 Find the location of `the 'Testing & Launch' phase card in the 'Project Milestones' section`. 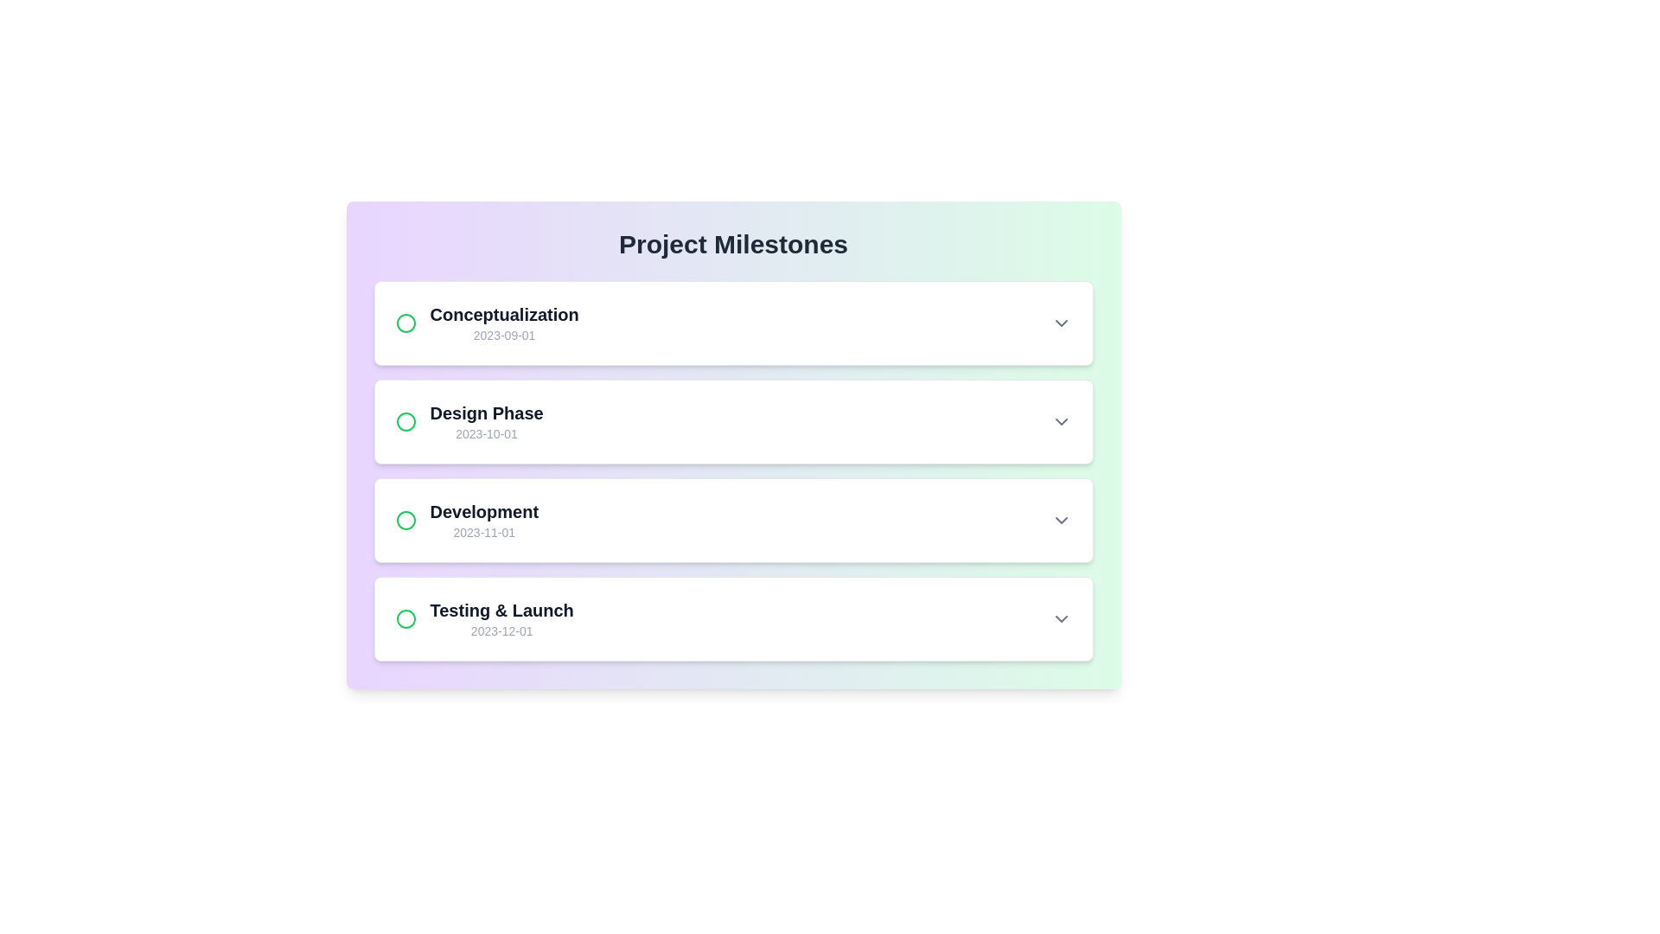

the 'Testing & Launch' phase card in the 'Project Milestones' section is located at coordinates (733, 618).